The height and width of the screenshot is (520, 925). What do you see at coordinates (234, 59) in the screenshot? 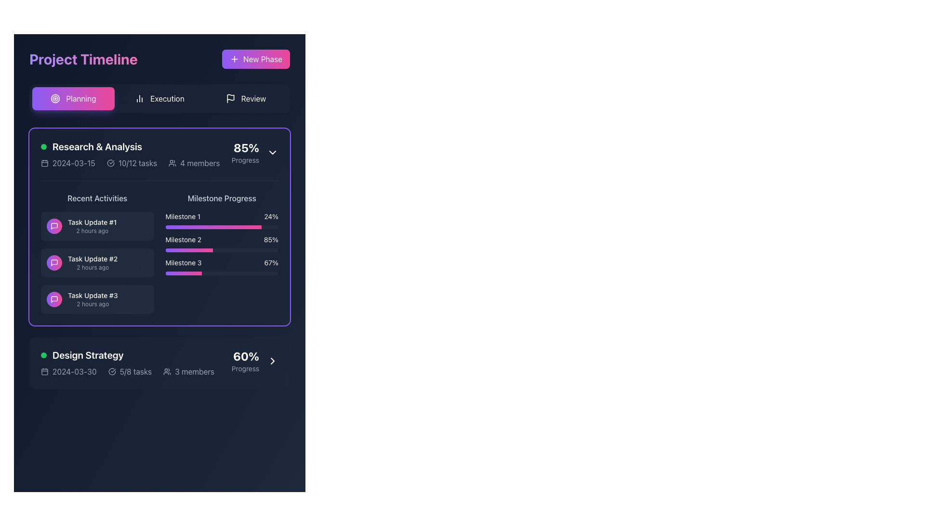
I see `the plus icon inside the 'New Phase' button, positioned at the top-right corner of the interface` at bounding box center [234, 59].